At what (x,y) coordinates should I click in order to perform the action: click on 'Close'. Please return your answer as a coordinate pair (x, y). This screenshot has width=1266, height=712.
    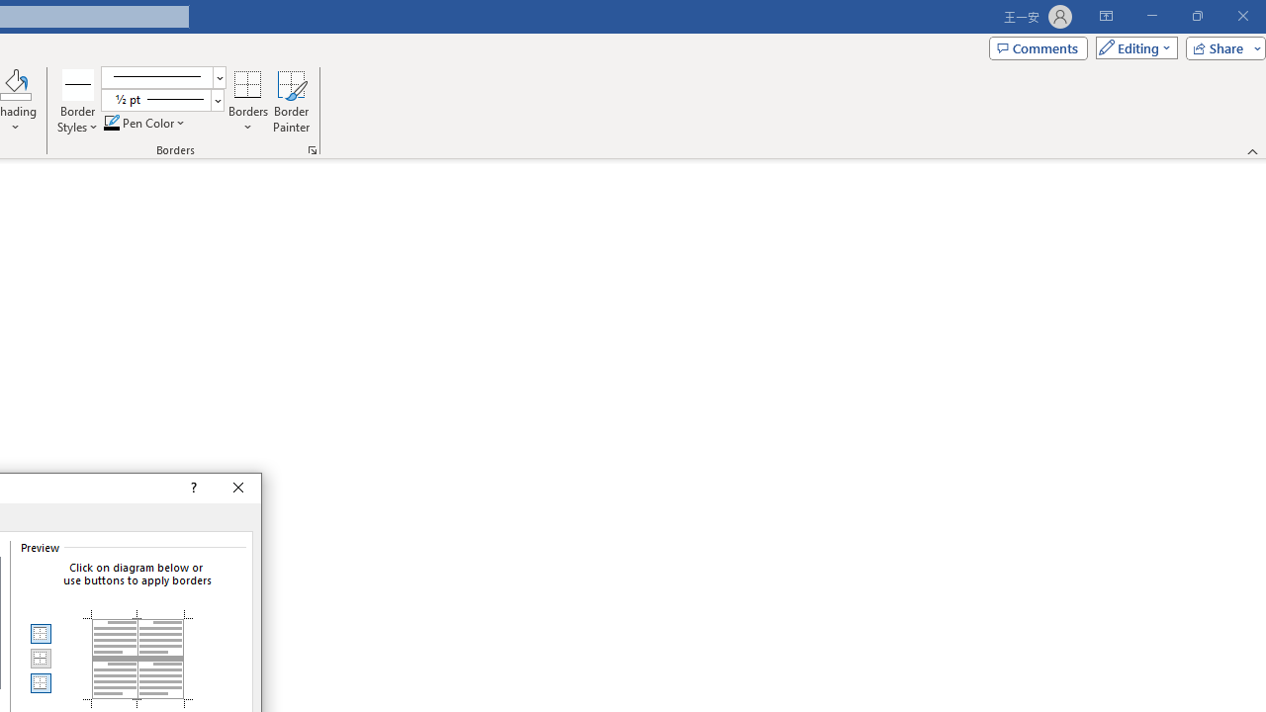
    Looking at the image, I should click on (237, 488).